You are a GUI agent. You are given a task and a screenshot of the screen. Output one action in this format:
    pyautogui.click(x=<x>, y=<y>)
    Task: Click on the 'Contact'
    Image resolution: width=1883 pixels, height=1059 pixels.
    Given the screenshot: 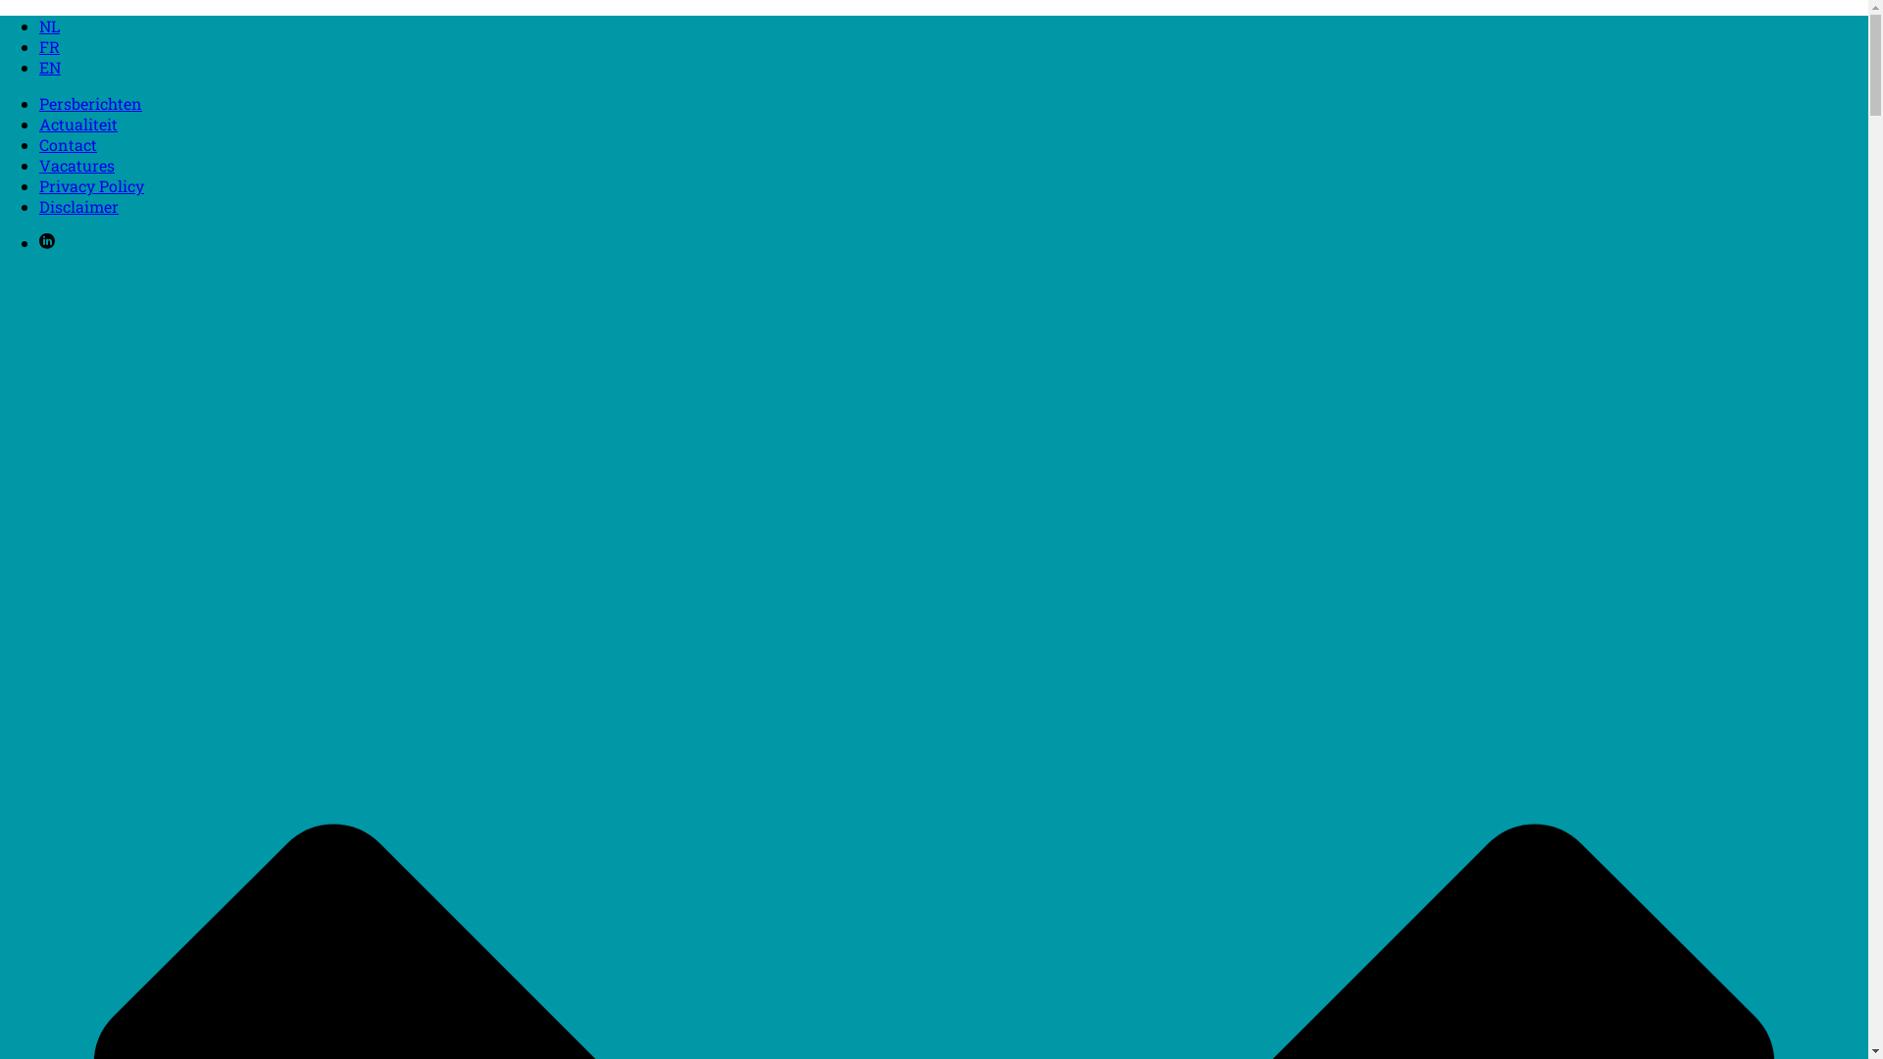 What is the action you would take?
    pyautogui.click(x=68, y=143)
    